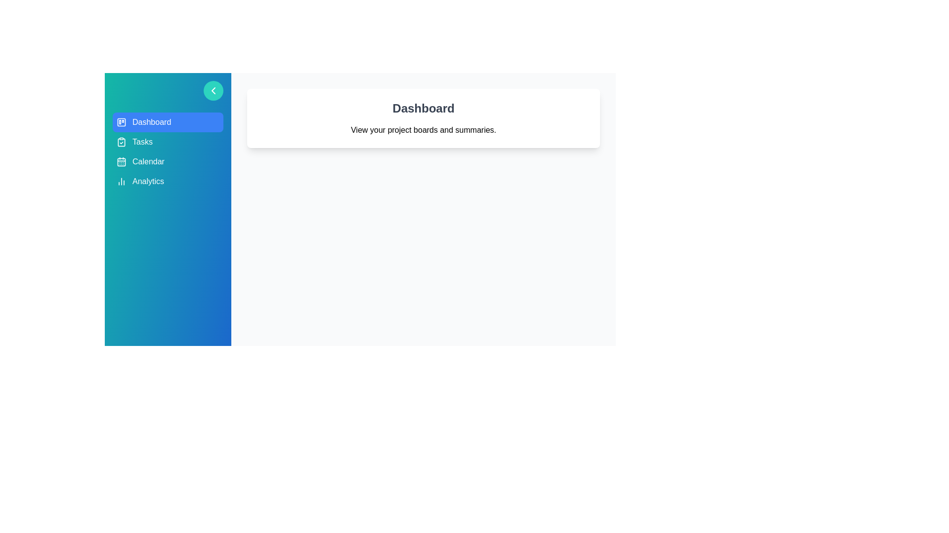  Describe the element at coordinates (142, 142) in the screenshot. I see `the text label displaying the word 'Tasks' in white font, which is positioned in a vertical menu list between 'Dashboard' and 'Calendar'` at that location.